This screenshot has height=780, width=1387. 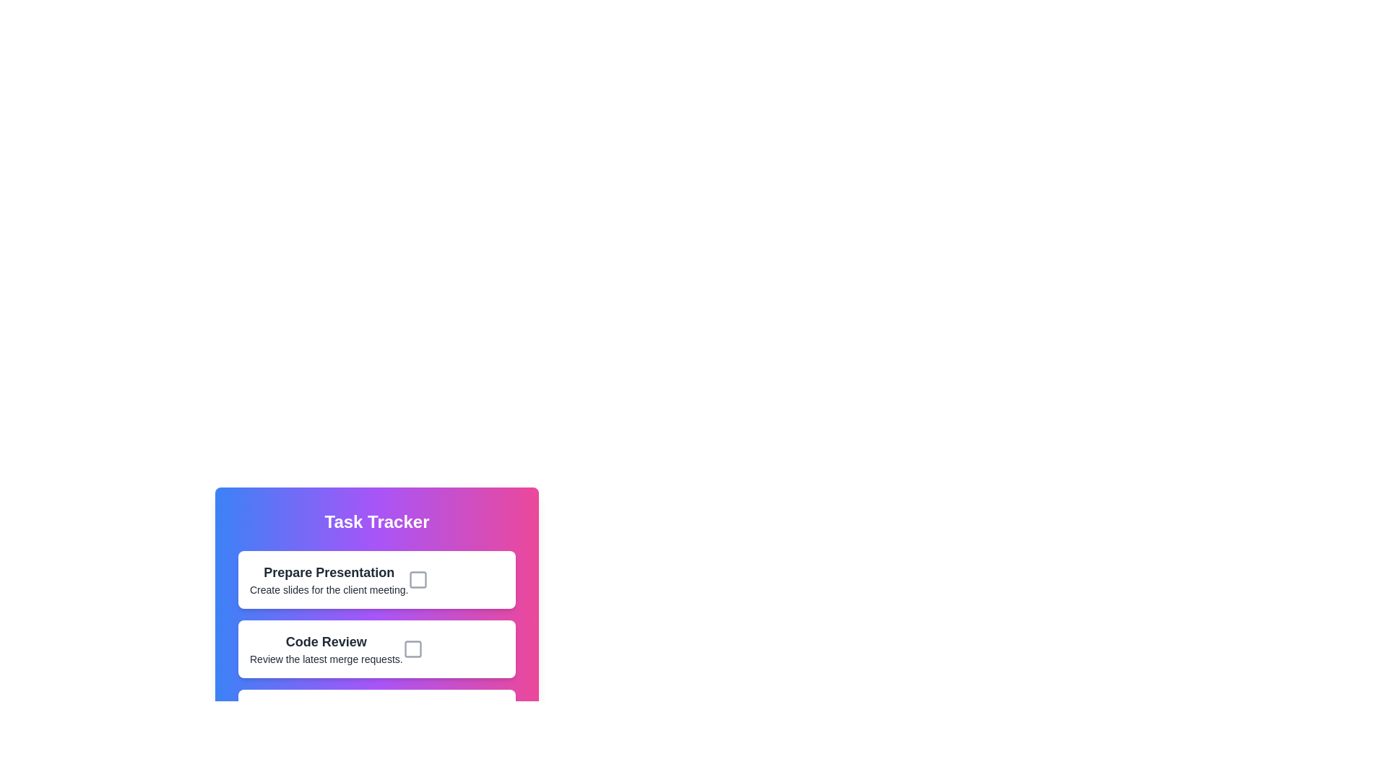 What do you see at coordinates (328, 590) in the screenshot?
I see `the detailed description text located below the 'Prepare Presentation' heading to associate this information with the related task above` at bounding box center [328, 590].